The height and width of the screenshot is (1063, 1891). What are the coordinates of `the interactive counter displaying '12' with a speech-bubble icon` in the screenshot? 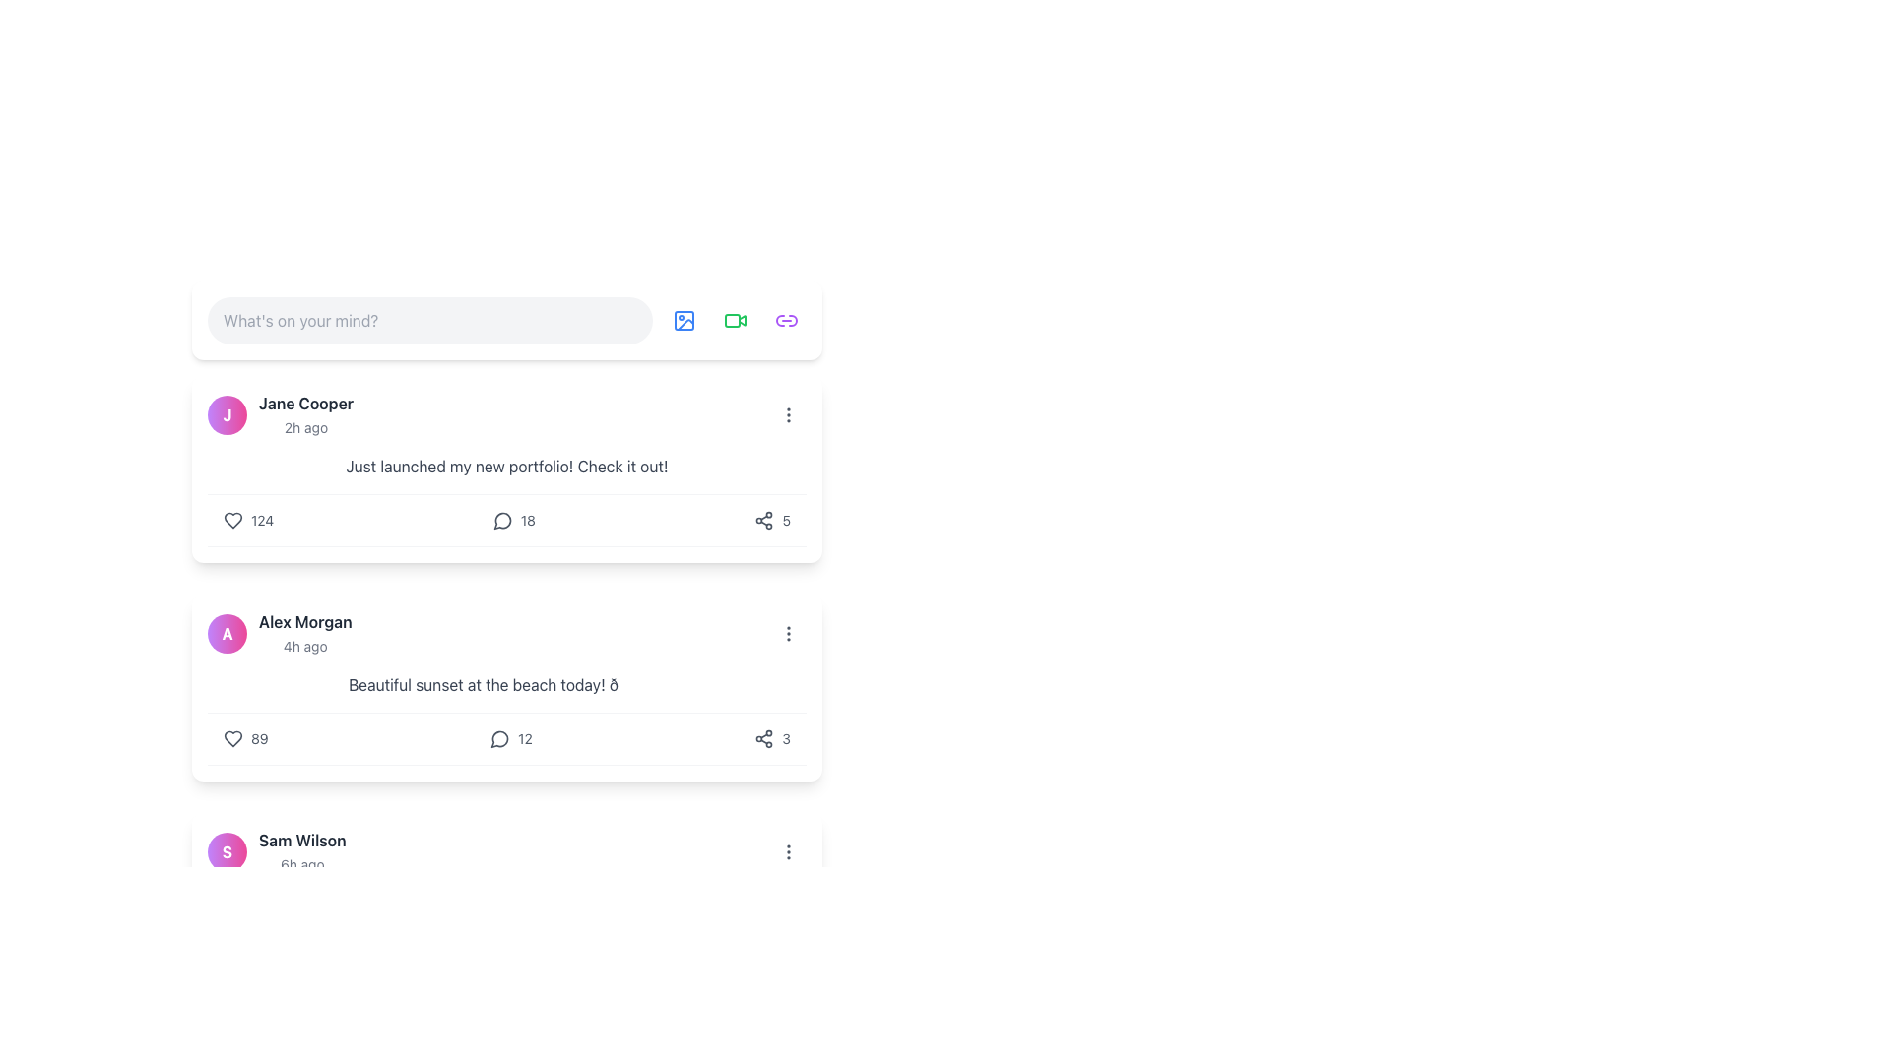 It's located at (506, 739).